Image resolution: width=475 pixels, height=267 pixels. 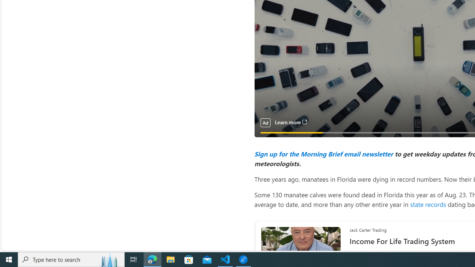 What do you see at coordinates (290, 122) in the screenshot?
I see `'Learn more'` at bounding box center [290, 122].